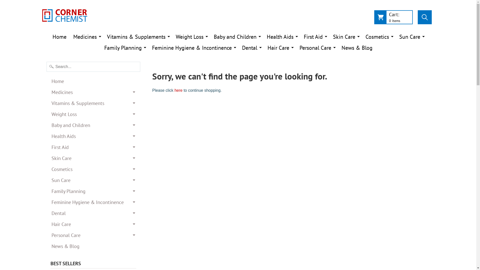 Image resolution: width=480 pixels, height=270 pixels. I want to click on 'Cart:, so click(393, 18).